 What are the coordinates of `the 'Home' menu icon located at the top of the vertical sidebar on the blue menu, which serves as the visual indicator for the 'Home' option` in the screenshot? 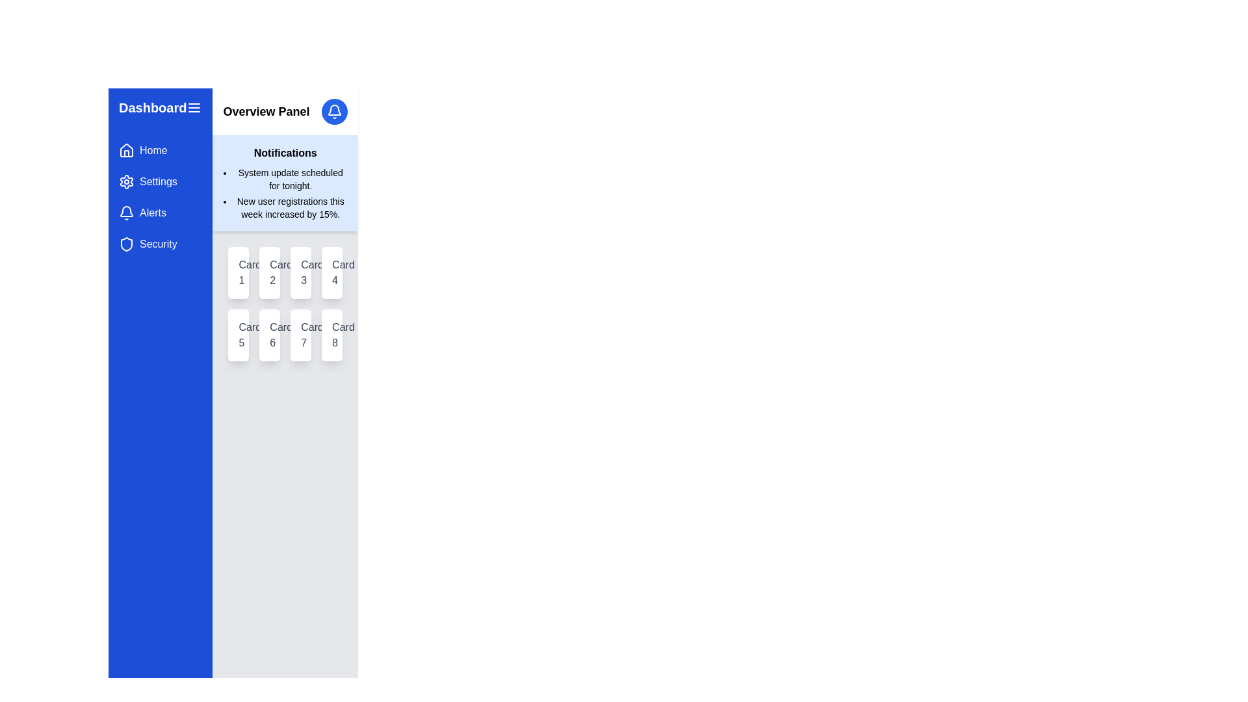 It's located at (127, 149).